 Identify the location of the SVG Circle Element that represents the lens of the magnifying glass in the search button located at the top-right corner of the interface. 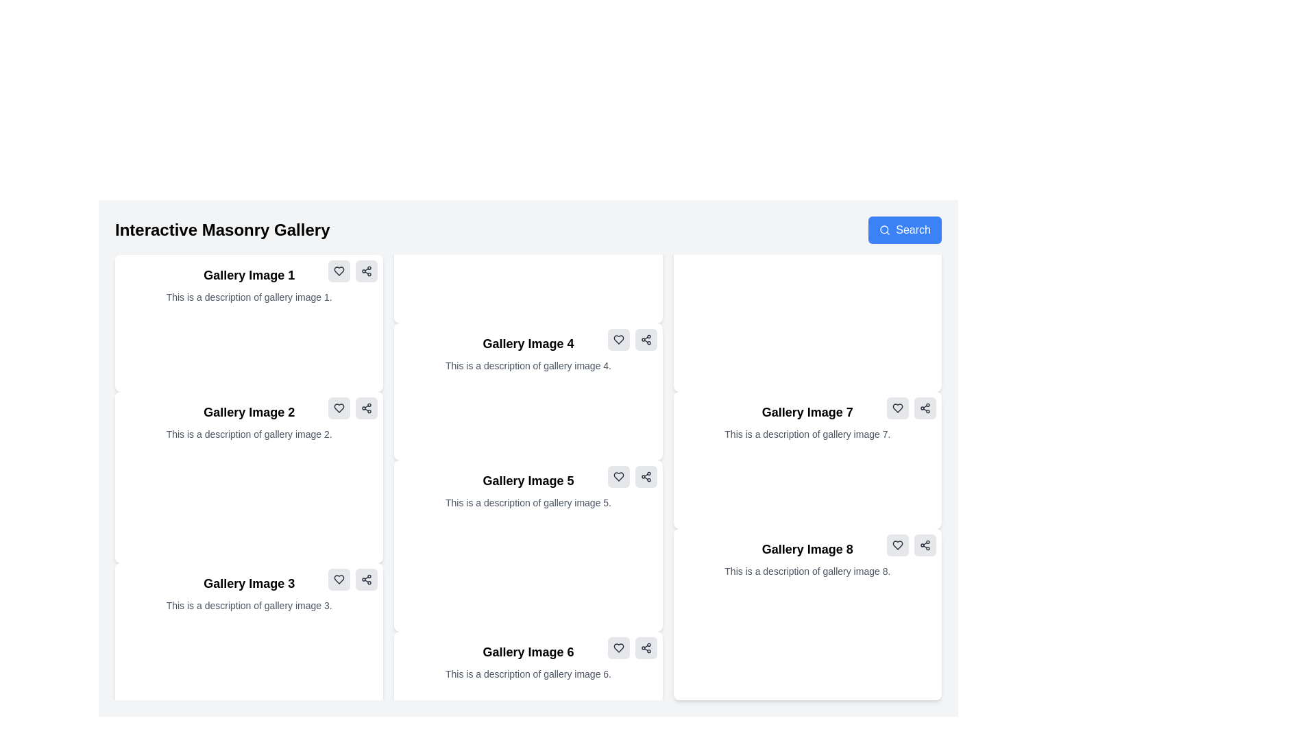
(884, 229).